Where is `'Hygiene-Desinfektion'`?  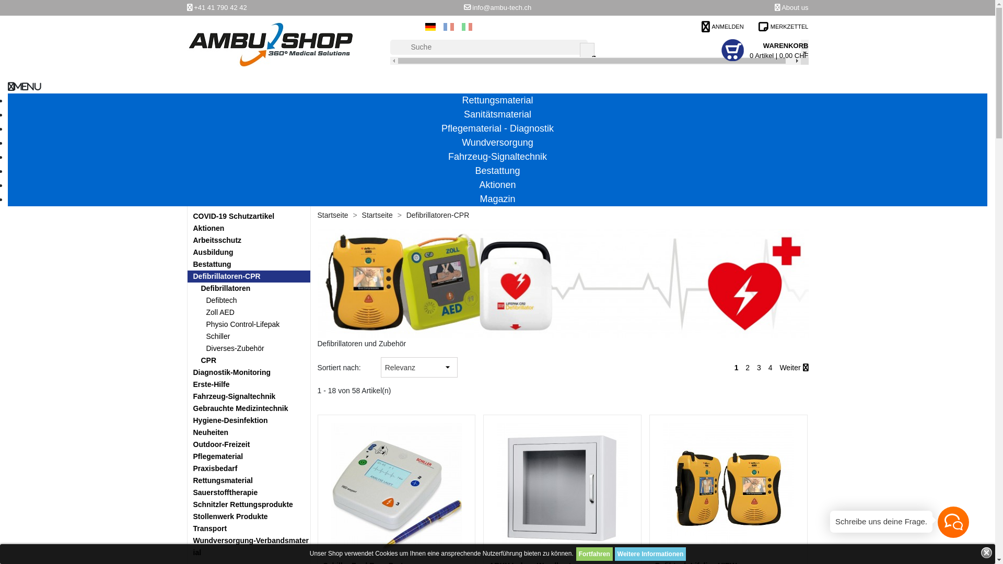 'Hygiene-Desinfektion' is located at coordinates (248, 420).